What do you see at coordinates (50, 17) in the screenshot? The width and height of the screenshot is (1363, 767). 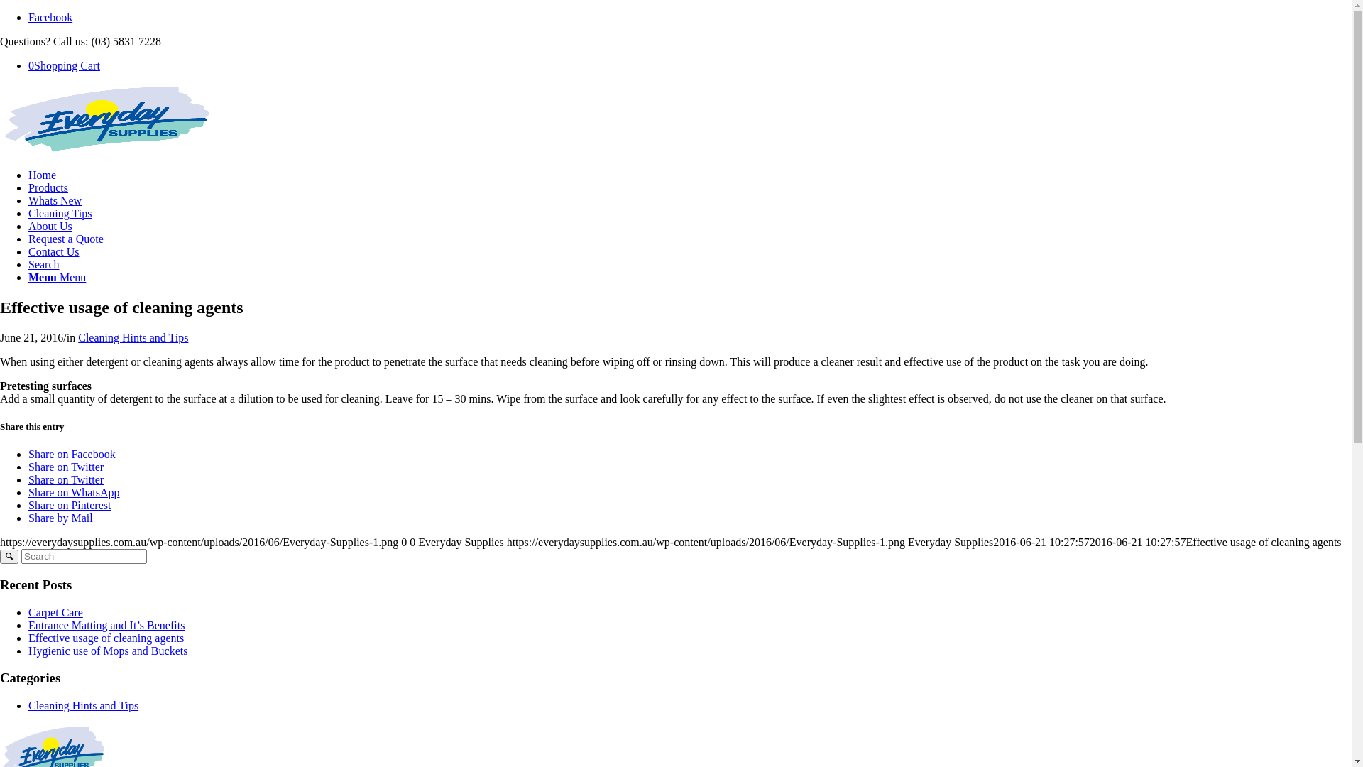 I see `'Facebook'` at bounding box center [50, 17].